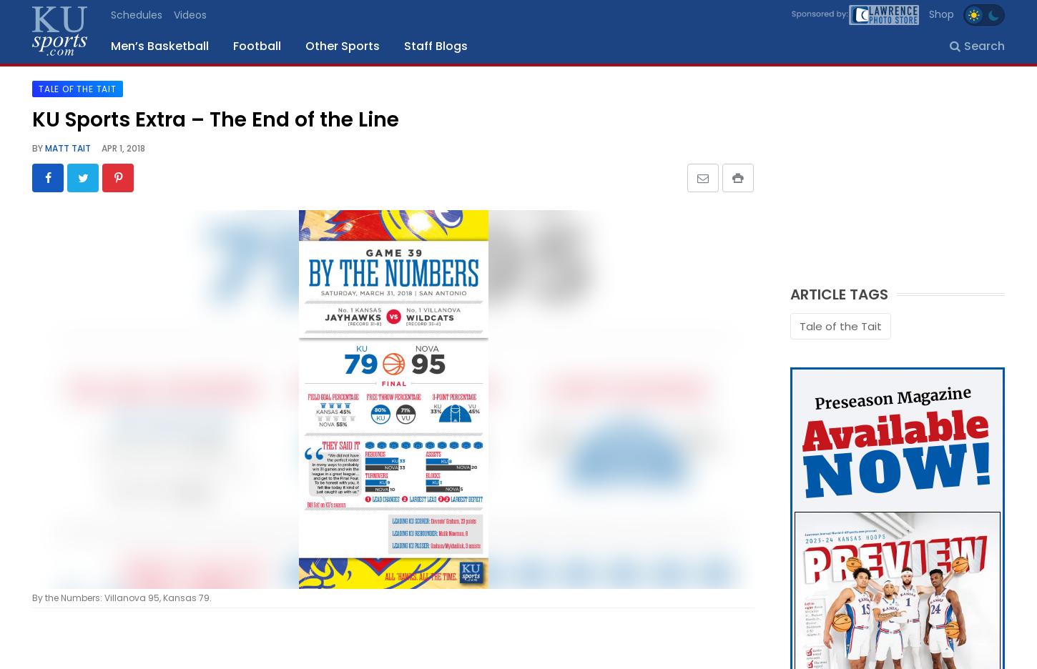 The height and width of the screenshot is (669, 1037). Describe the element at coordinates (121, 598) in the screenshot. I see `'By the Numbers: Villanova 95, Kansas 79.'` at that location.